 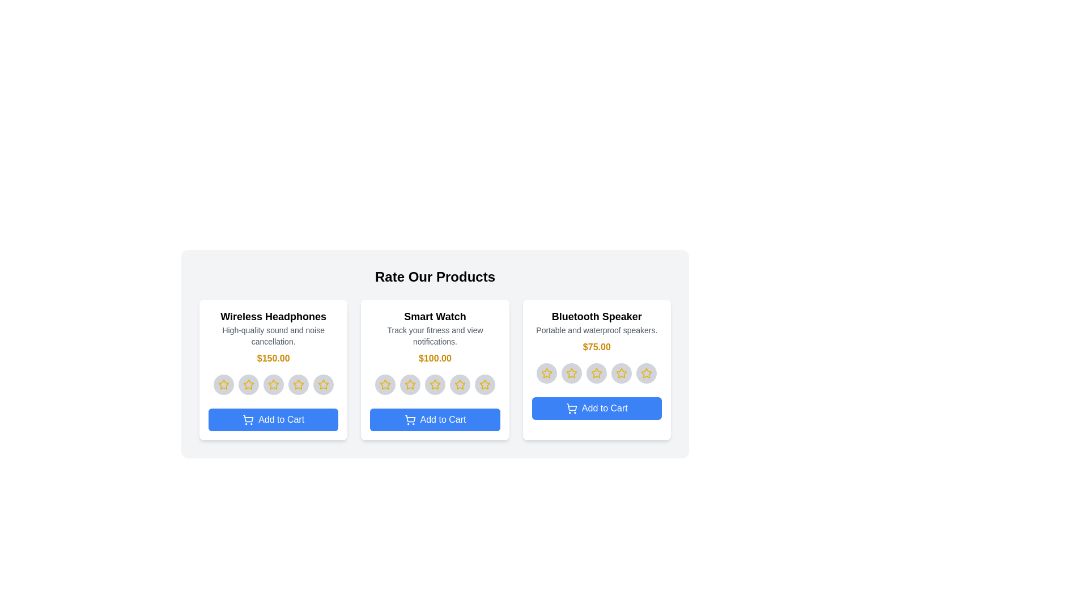 I want to click on the star corresponding to 2 for the product 'Bluetooth Speaker', so click(x=572, y=373).